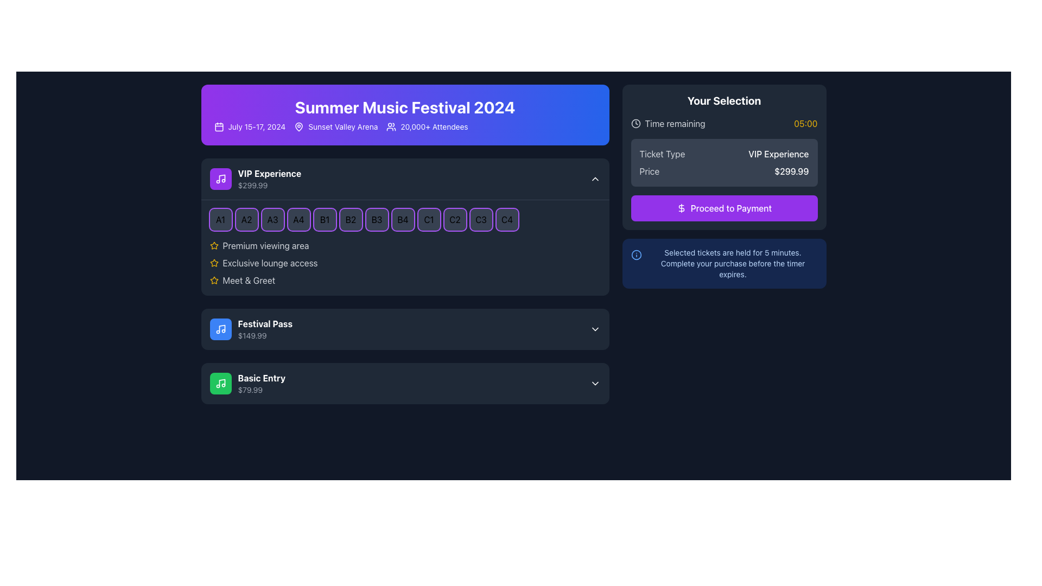  Describe the element at coordinates (218, 126) in the screenshot. I see `the calendar icon located to the left of the text 'July 15-17, 2024'` at that location.